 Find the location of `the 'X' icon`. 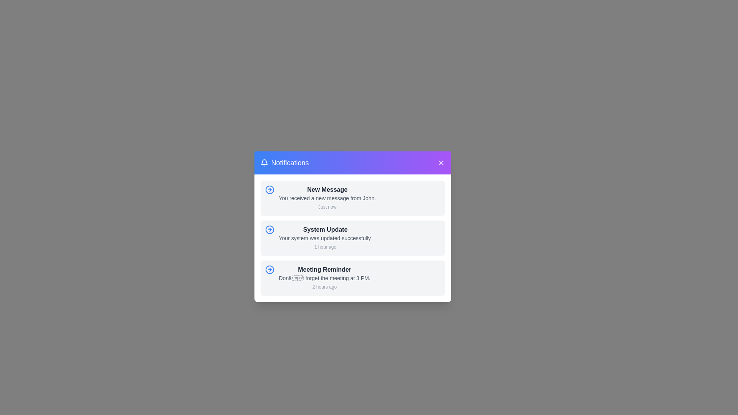

the 'X' icon is located at coordinates (441, 163).